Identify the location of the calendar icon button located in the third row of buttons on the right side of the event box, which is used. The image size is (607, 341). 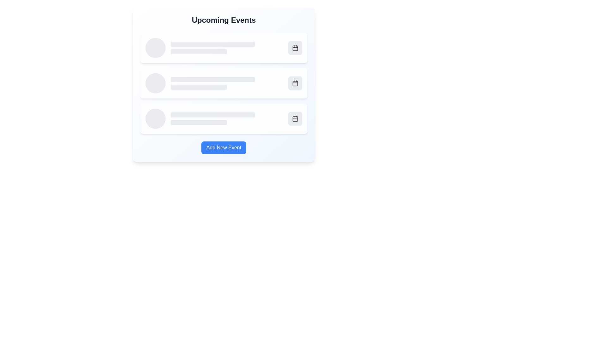
(295, 118).